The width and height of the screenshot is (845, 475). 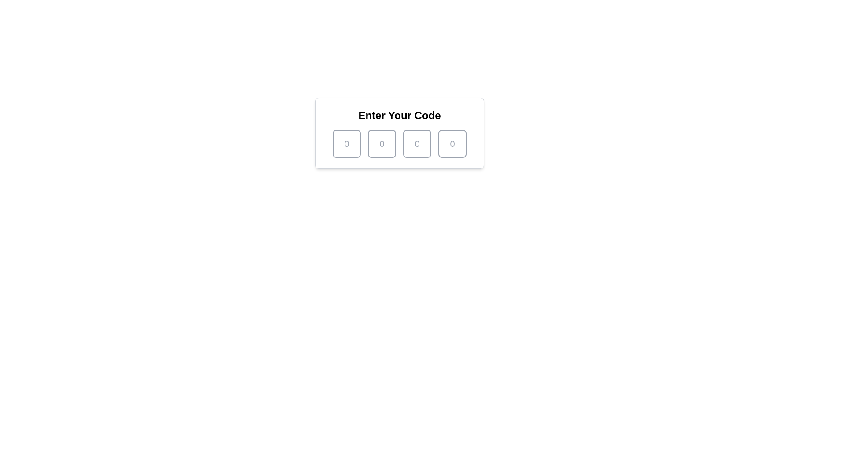 What do you see at coordinates (452, 143) in the screenshot?
I see `the fourth input box, which serves as a text input field for entering a single character, to focus the input` at bounding box center [452, 143].